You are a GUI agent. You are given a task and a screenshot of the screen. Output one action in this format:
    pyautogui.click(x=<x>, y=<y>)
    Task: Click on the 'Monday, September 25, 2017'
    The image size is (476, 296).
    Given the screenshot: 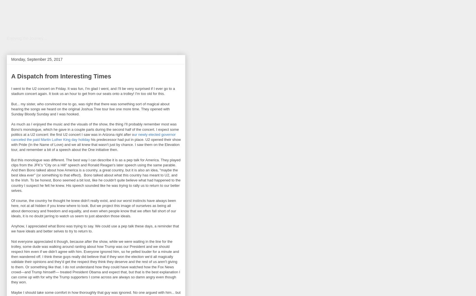 What is the action you would take?
    pyautogui.click(x=11, y=59)
    